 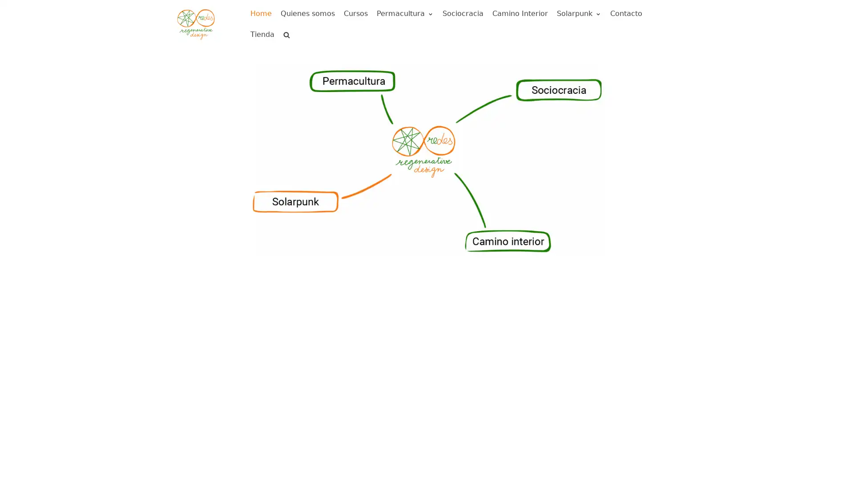 I want to click on Buscar, so click(x=270, y=54).